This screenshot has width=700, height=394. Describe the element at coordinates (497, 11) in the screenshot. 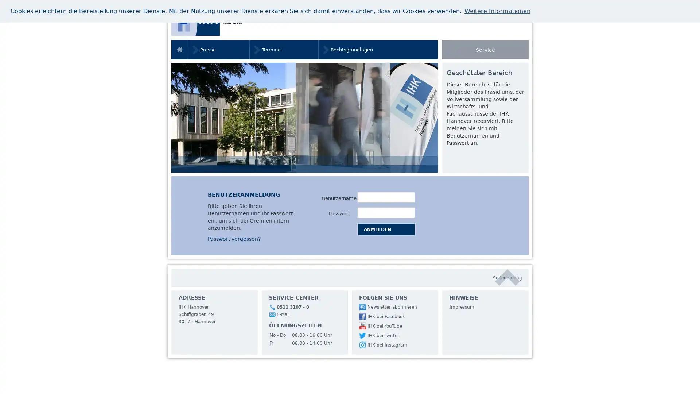

I see `learn more about cookies` at that location.